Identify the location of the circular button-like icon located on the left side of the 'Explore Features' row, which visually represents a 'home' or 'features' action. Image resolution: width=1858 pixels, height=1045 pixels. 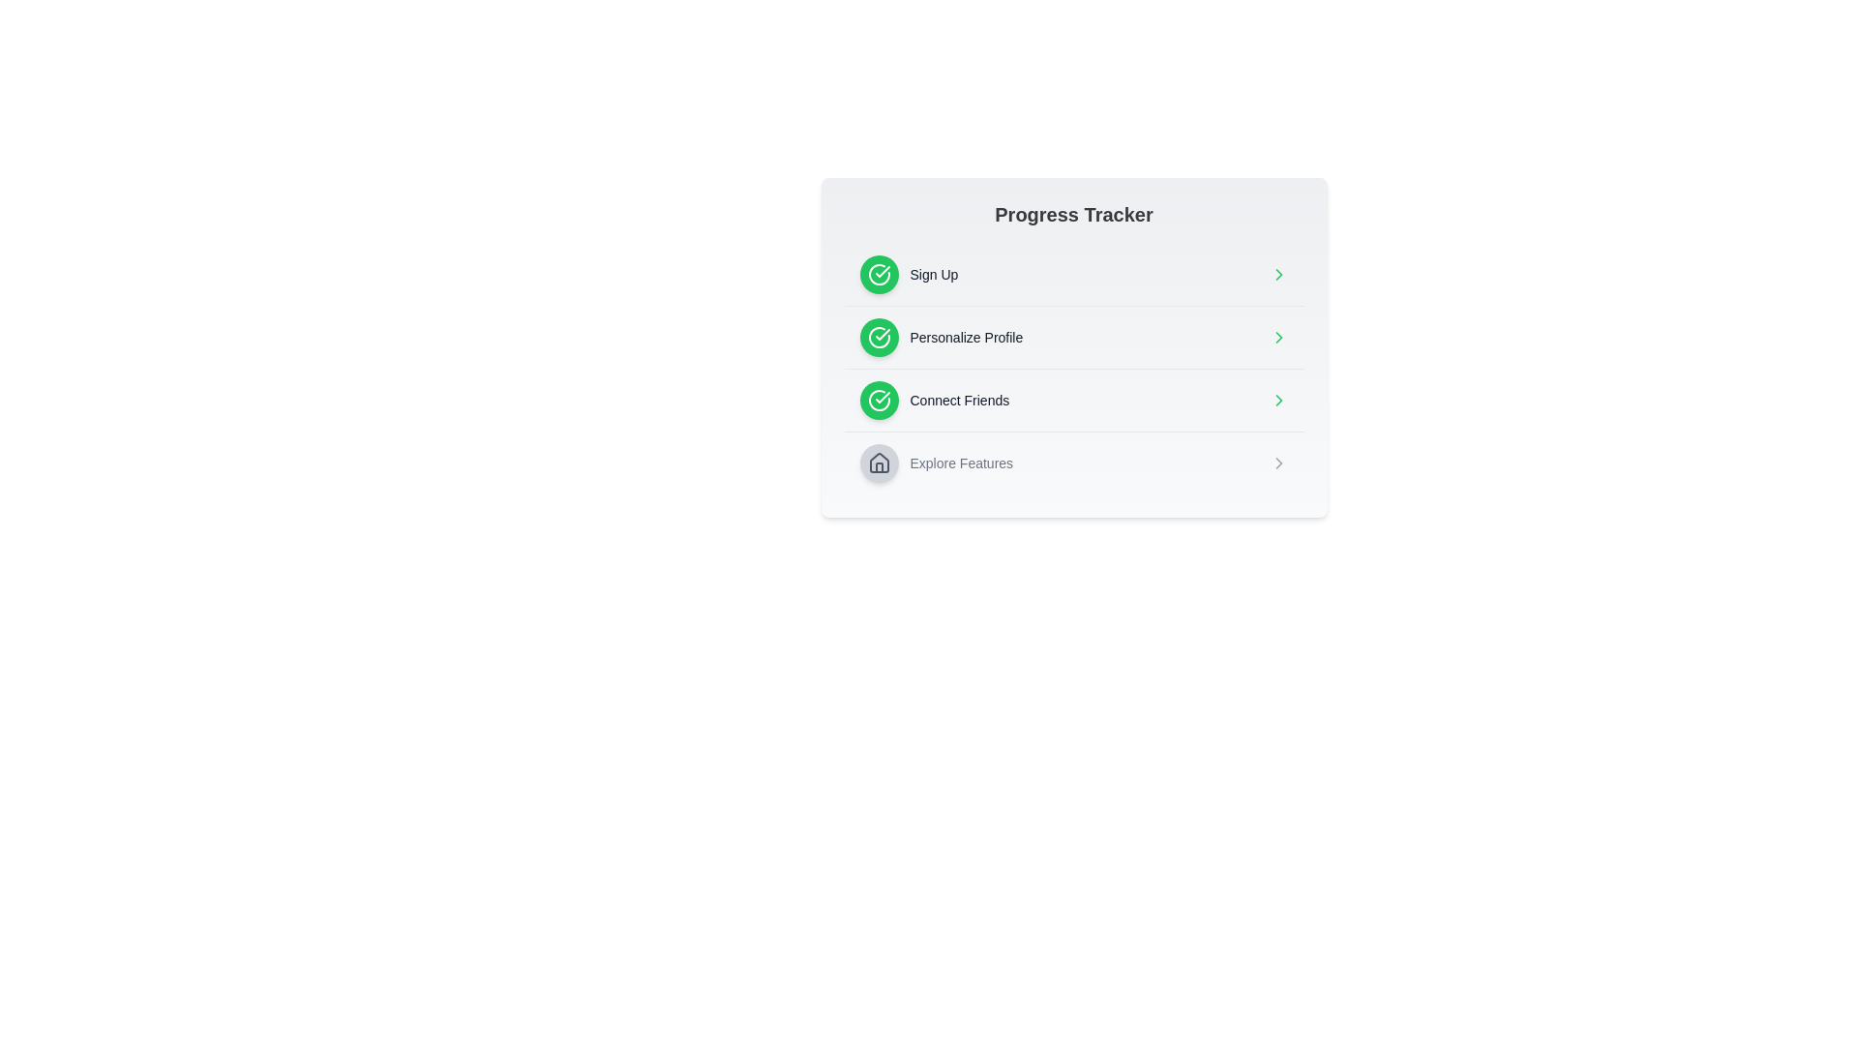
(878, 463).